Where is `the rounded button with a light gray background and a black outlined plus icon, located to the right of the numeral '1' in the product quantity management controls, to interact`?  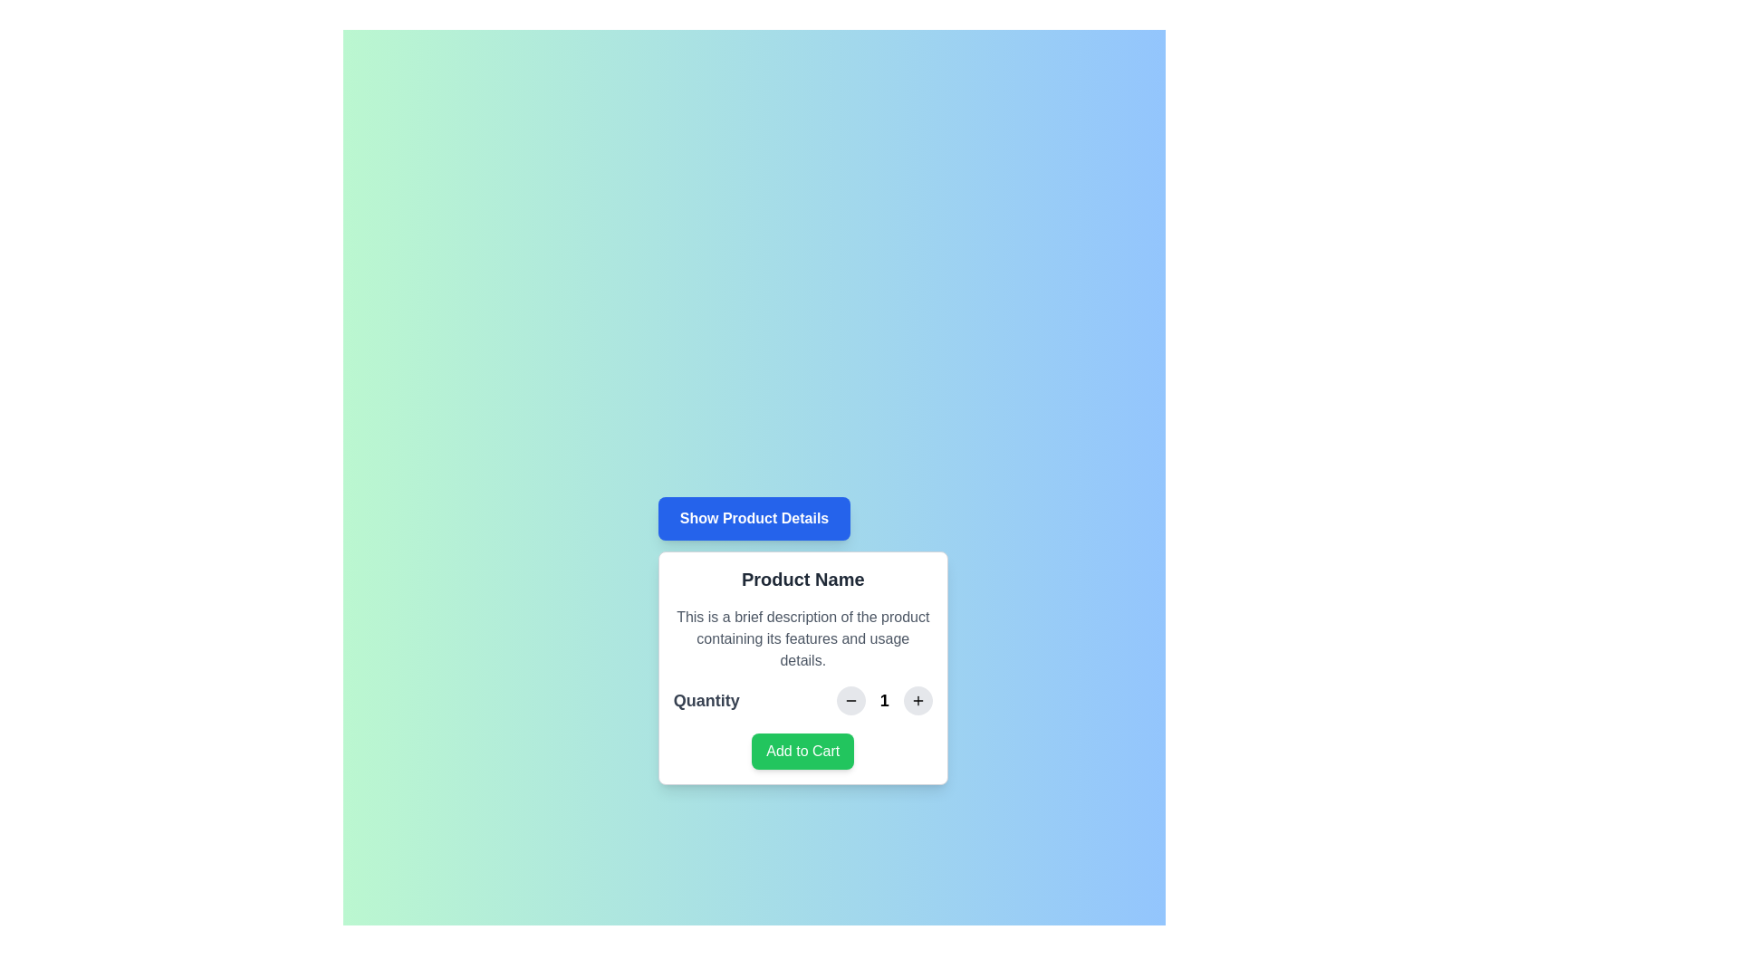
the rounded button with a light gray background and a black outlined plus icon, located to the right of the numeral '1' in the product quantity management controls, to interact is located at coordinates (918, 700).